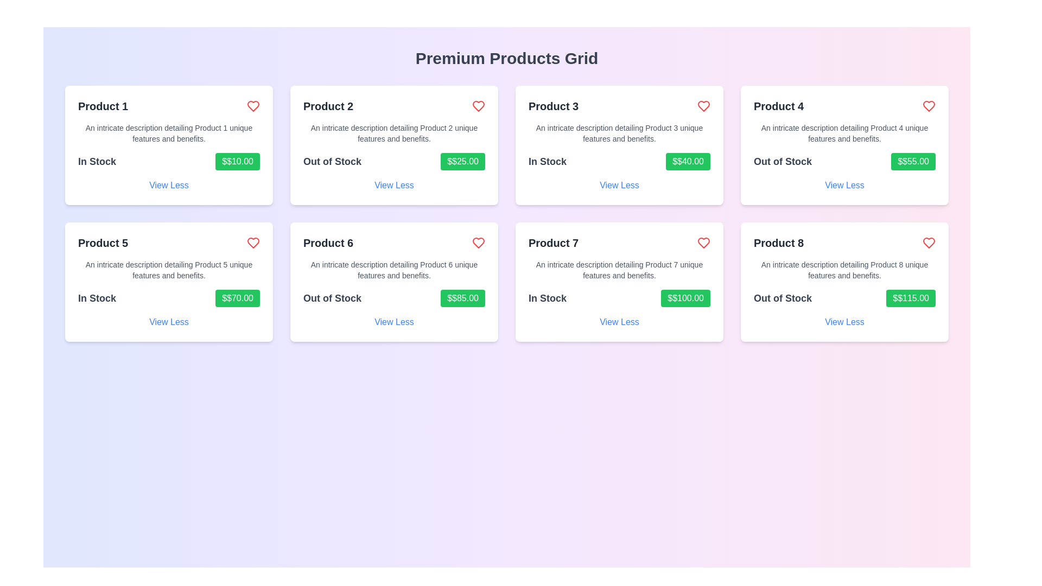 The height and width of the screenshot is (586, 1042). What do you see at coordinates (168, 133) in the screenshot?
I see `text block that provides a detailed description of the features and benefits of 'Product 1', located beneath the title within the product card in the top-left corner of the product grid` at bounding box center [168, 133].